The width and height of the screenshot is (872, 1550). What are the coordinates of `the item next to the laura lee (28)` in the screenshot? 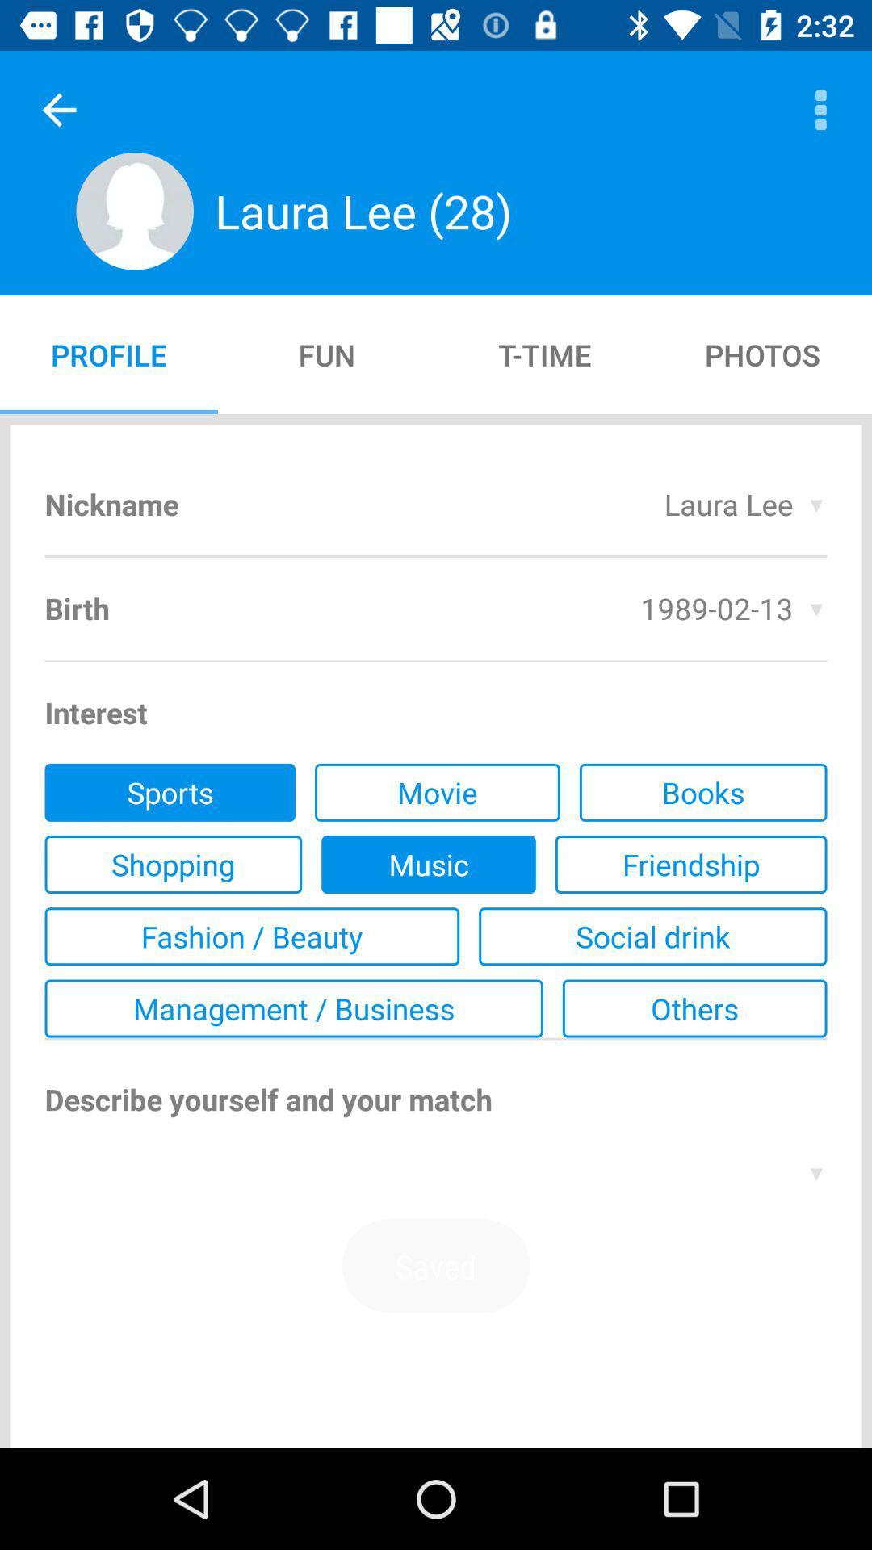 It's located at (58, 109).